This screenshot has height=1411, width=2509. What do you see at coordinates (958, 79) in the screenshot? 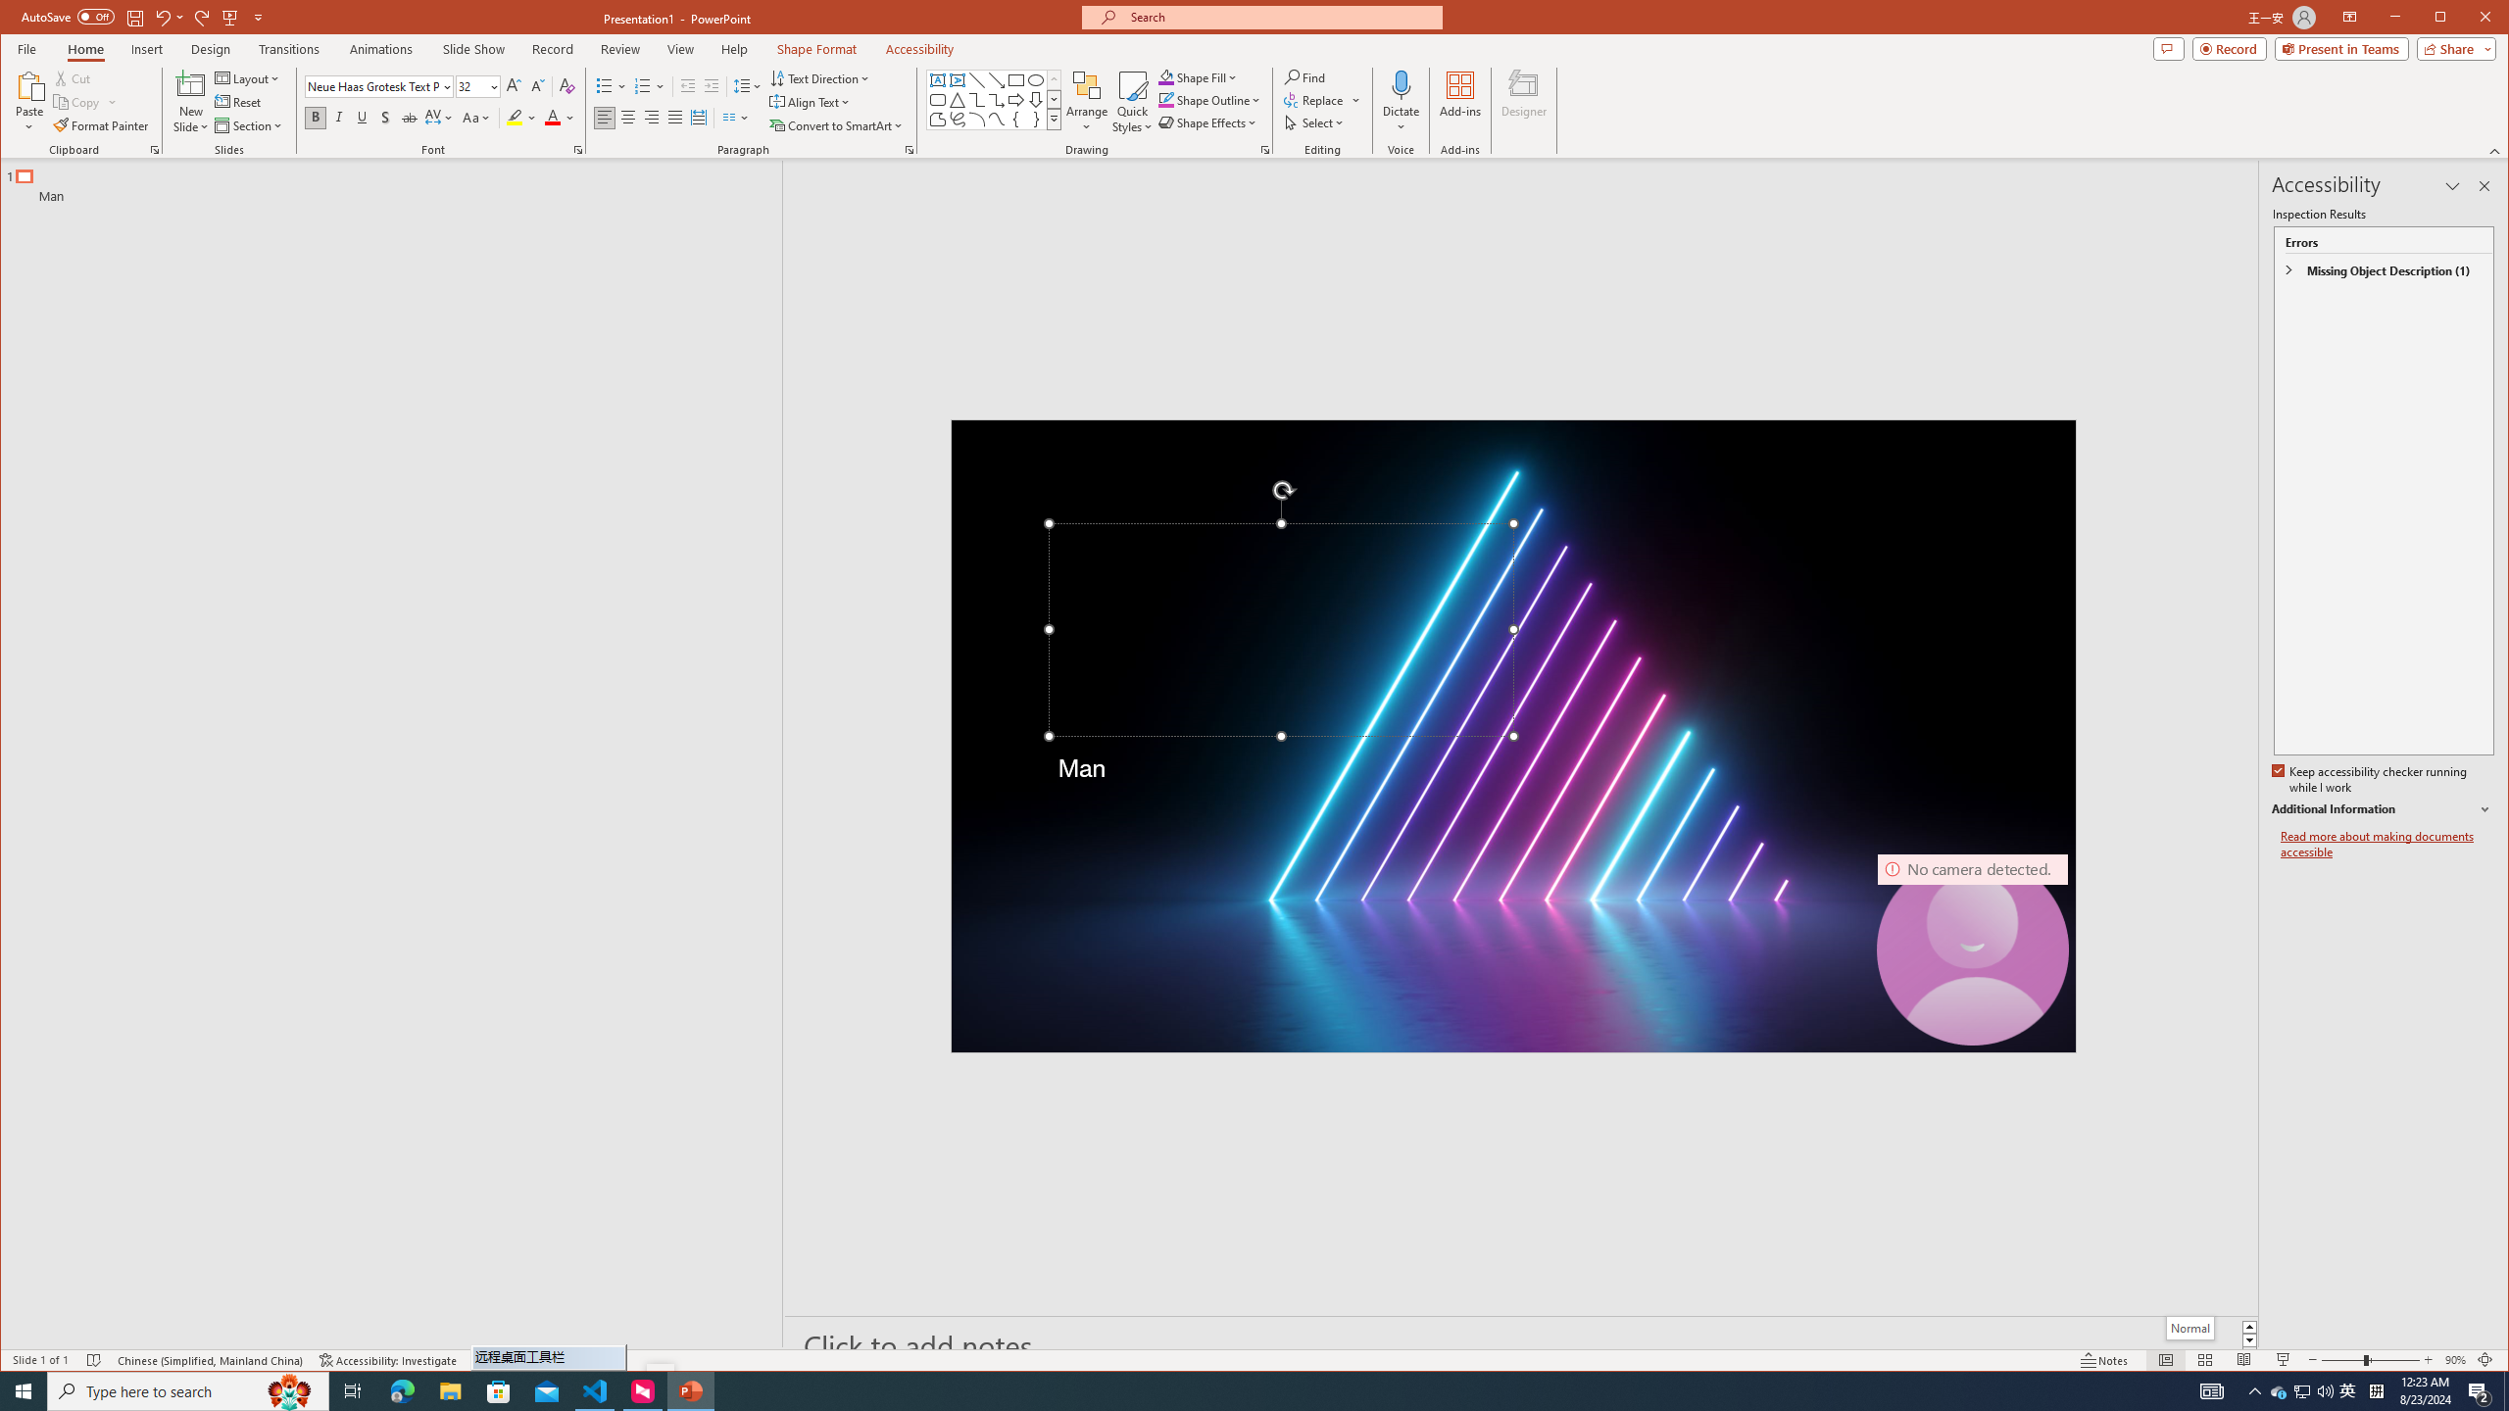
I see `'Vertical Text Box'` at bounding box center [958, 79].